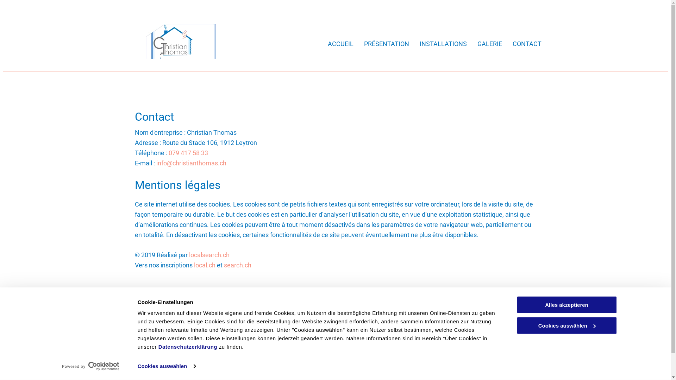  Describe the element at coordinates (340, 44) in the screenshot. I see `'ACCUEIL'` at that location.